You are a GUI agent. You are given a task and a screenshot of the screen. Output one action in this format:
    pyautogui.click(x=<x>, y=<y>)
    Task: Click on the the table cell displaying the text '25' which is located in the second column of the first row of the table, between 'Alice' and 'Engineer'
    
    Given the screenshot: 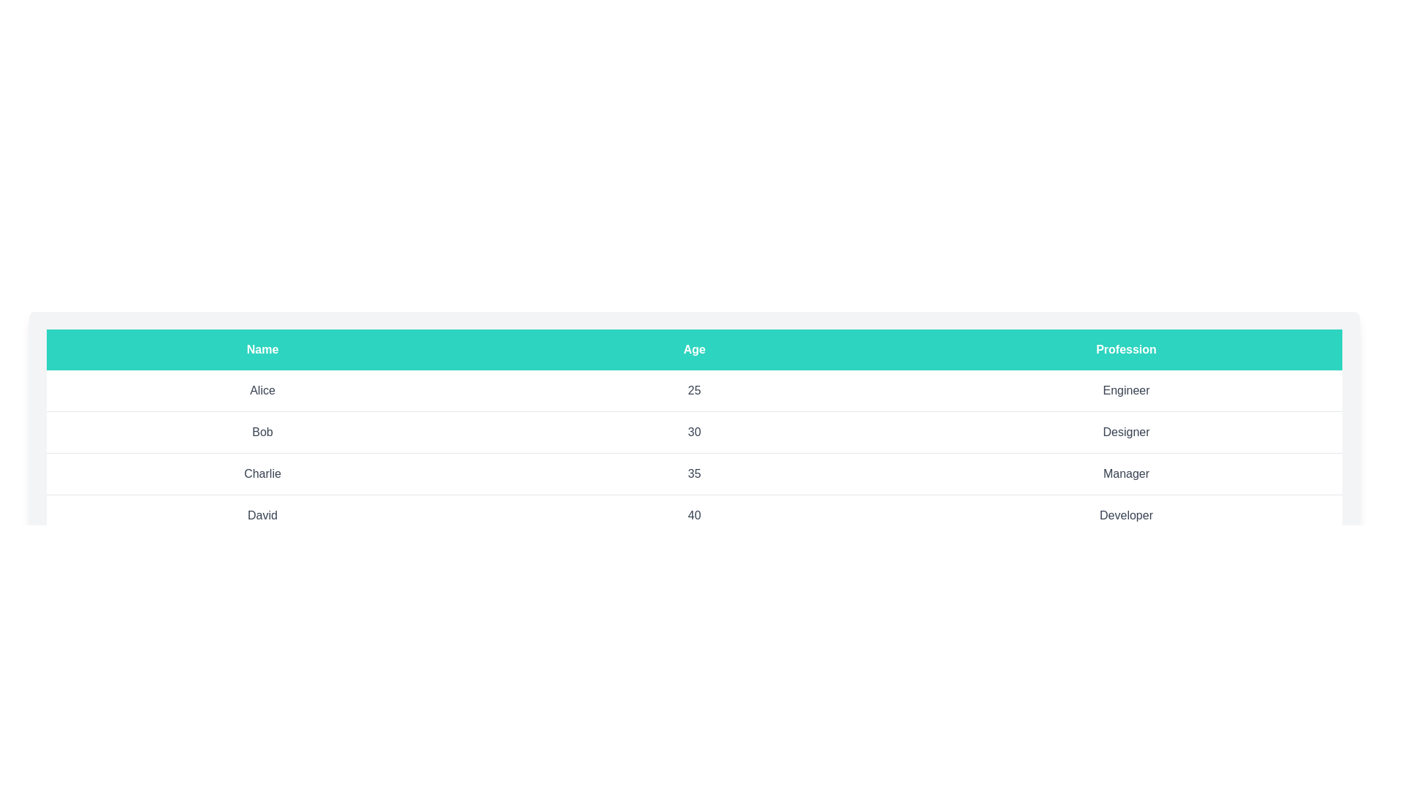 What is the action you would take?
    pyautogui.click(x=693, y=390)
    